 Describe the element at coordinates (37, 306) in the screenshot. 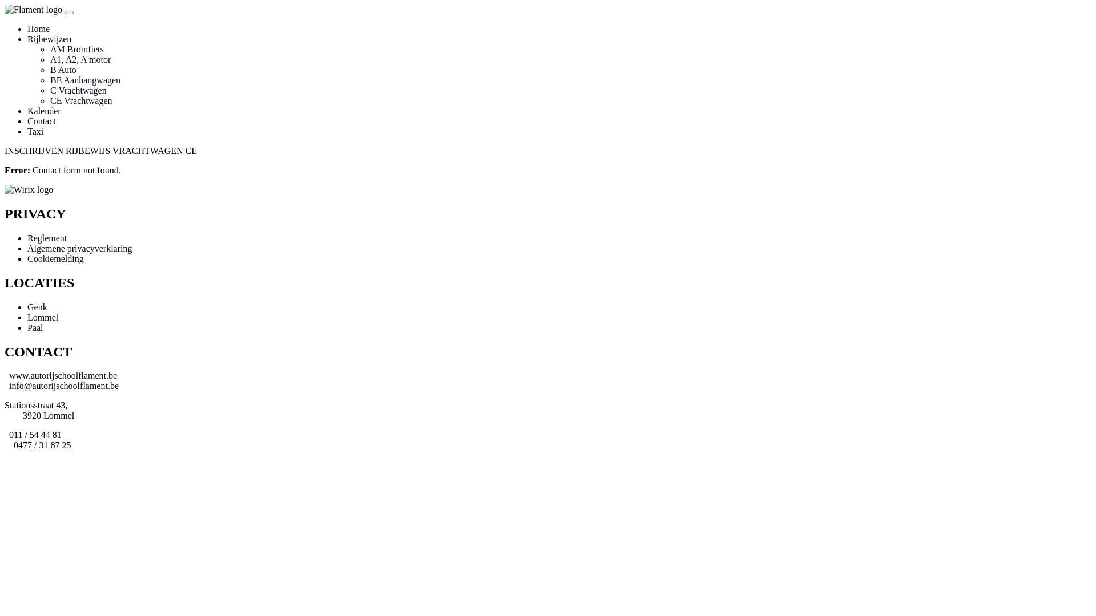

I see `'Genk'` at that location.